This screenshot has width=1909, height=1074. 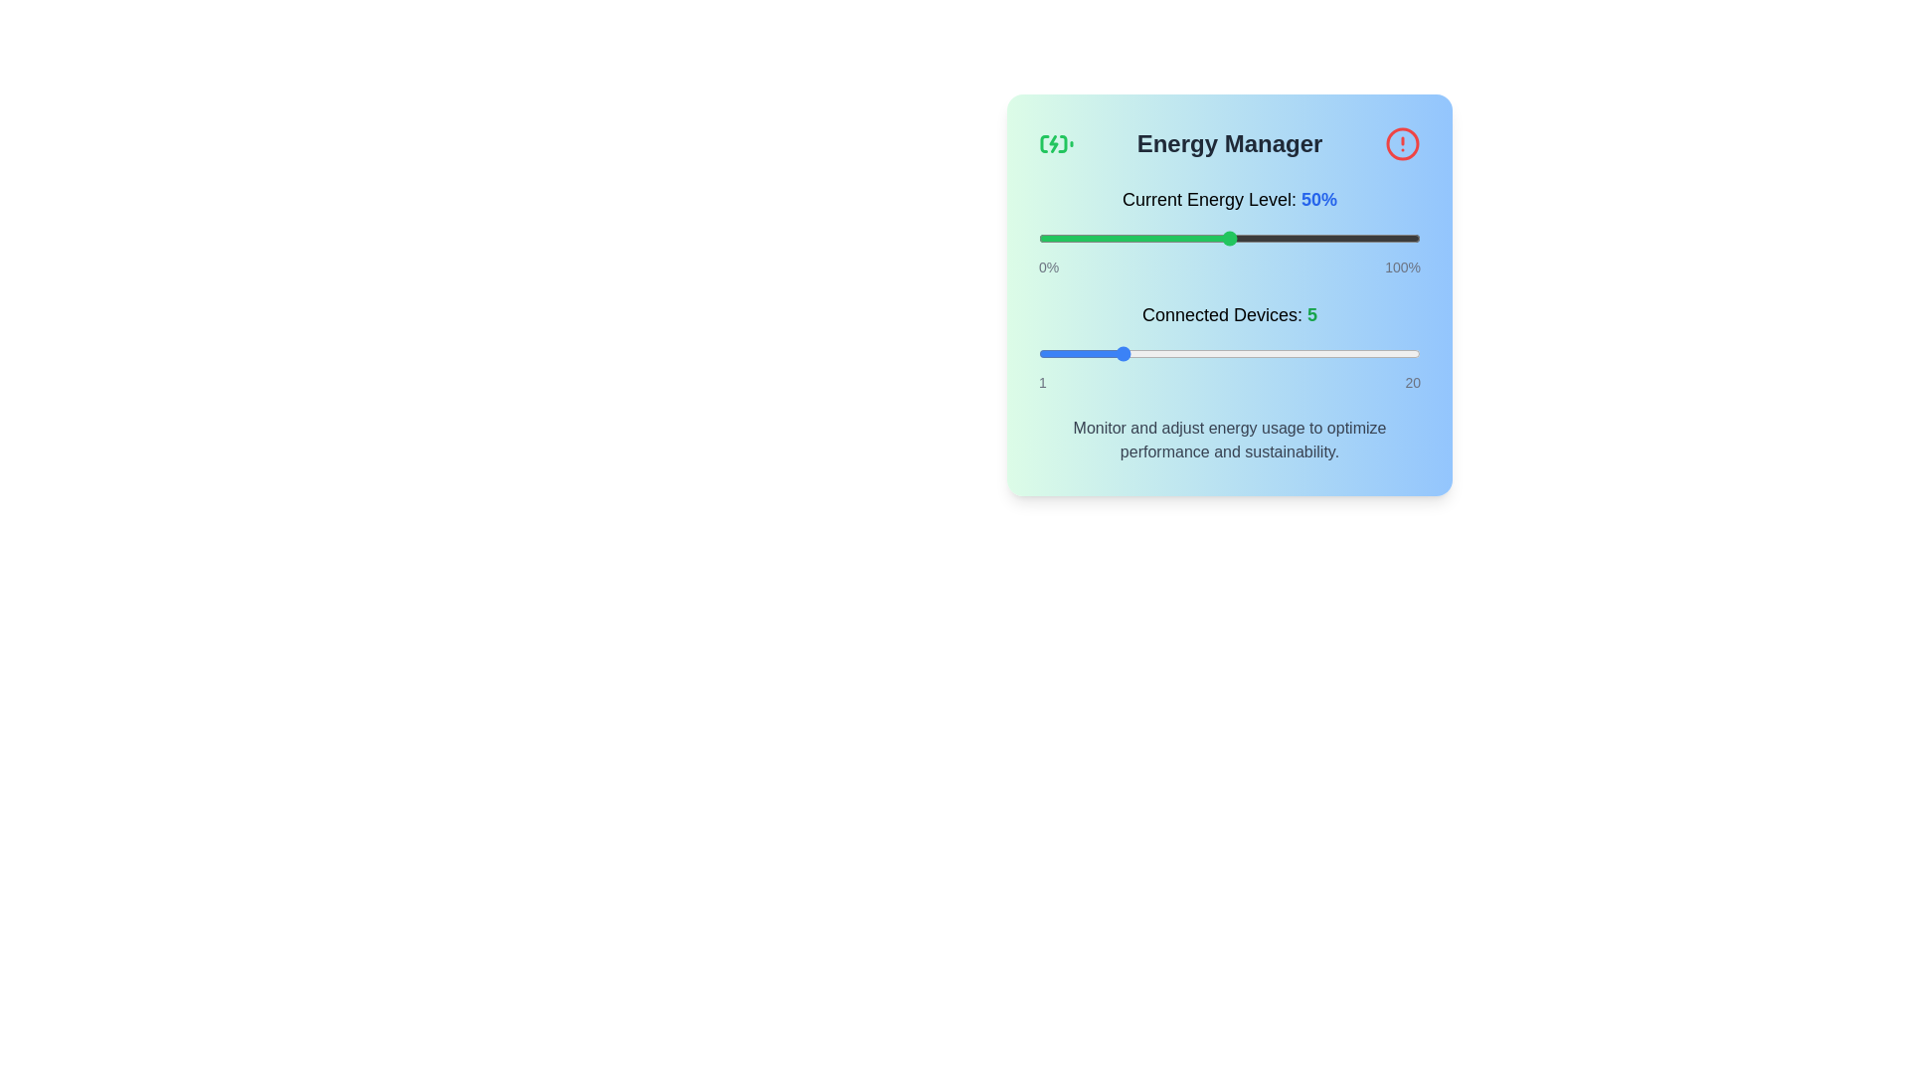 I want to click on the connected devices slider to 18, so click(x=1379, y=352).